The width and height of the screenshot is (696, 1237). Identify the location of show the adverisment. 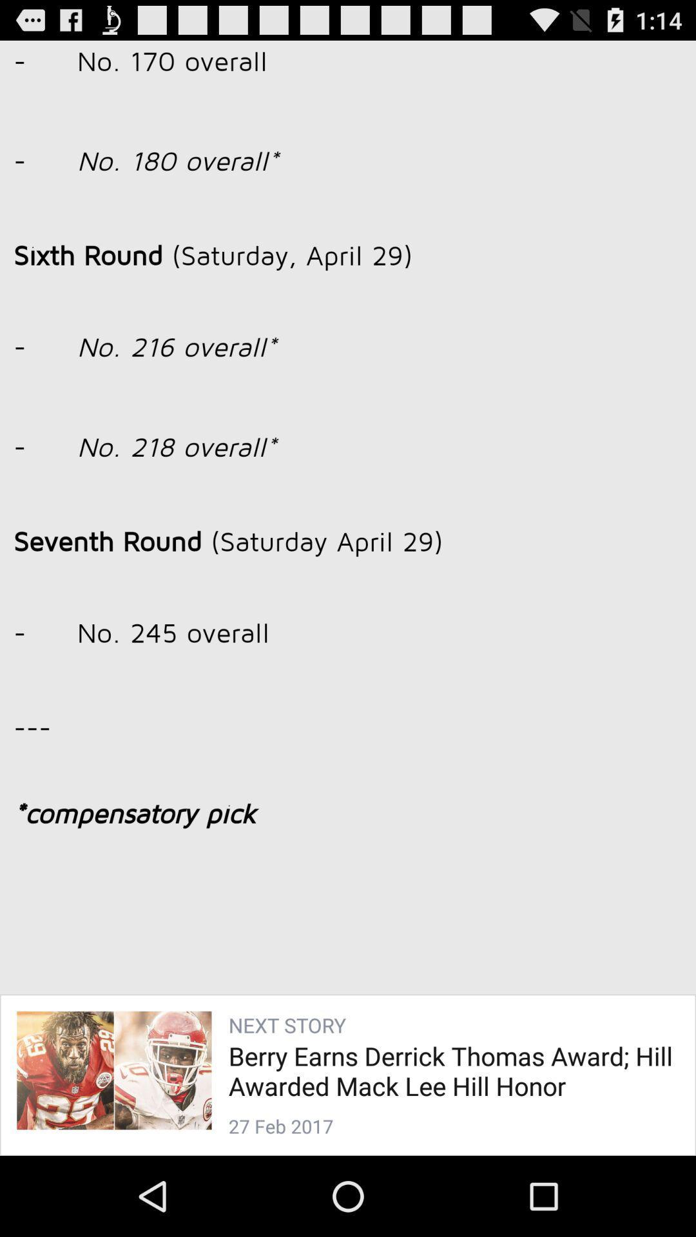
(348, 580).